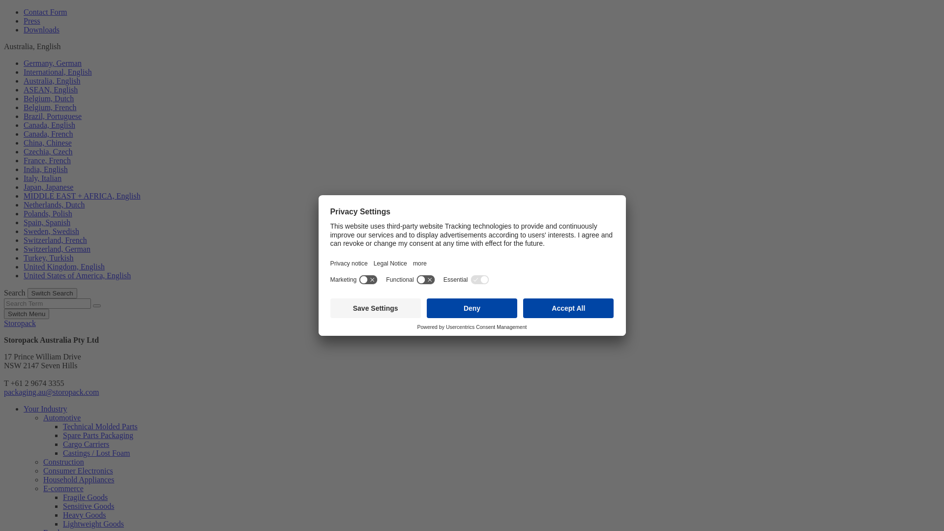  What do you see at coordinates (96, 453) in the screenshot?
I see `'Castings / Lost Foam'` at bounding box center [96, 453].